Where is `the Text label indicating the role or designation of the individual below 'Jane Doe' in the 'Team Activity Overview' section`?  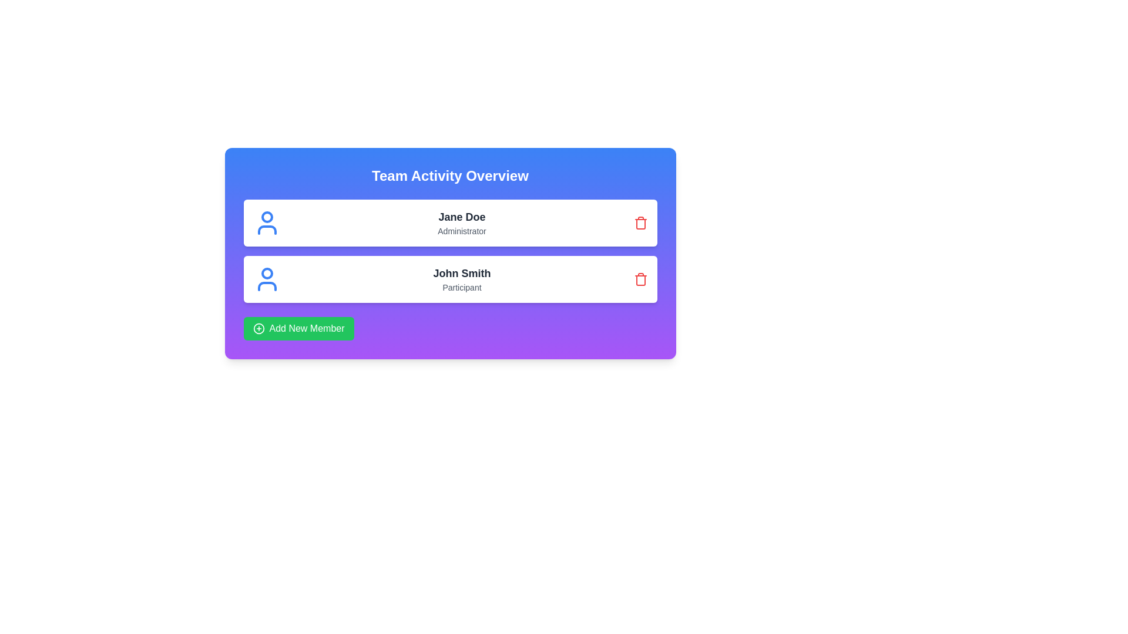
the Text label indicating the role or designation of the individual below 'Jane Doe' in the 'Team Activity Overview' section is located at coordinates (461, 231).